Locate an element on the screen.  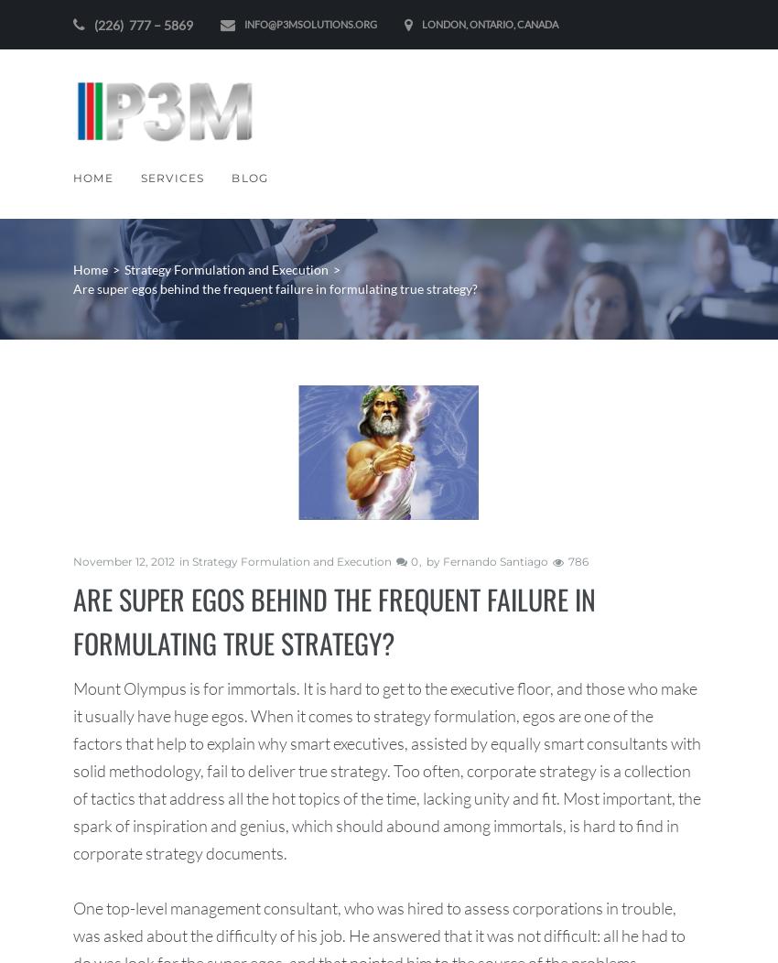
'info@p3msolutions.org' is located at coordinates (310, 23).